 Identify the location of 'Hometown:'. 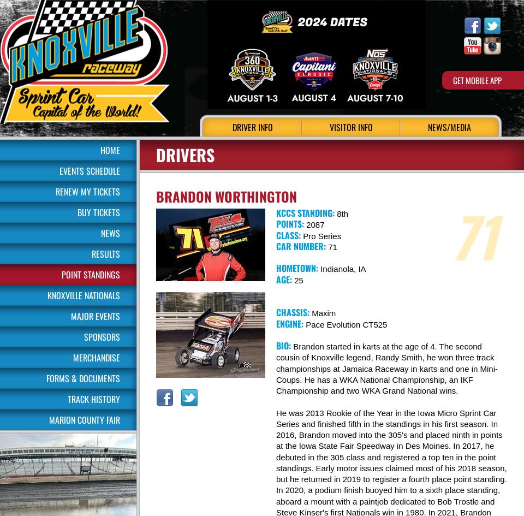
(297, 268).